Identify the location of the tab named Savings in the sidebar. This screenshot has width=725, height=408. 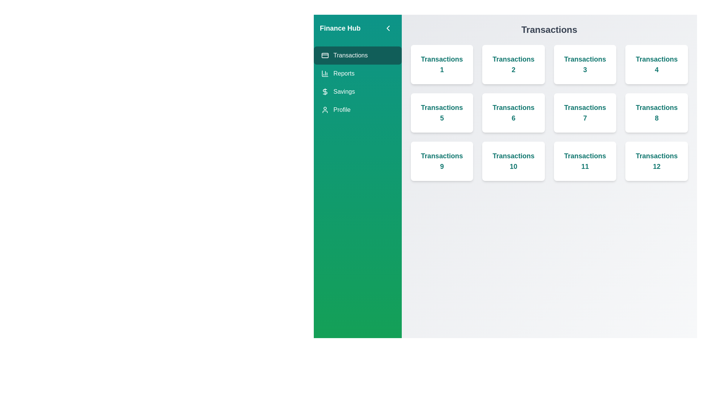
(357, 91).